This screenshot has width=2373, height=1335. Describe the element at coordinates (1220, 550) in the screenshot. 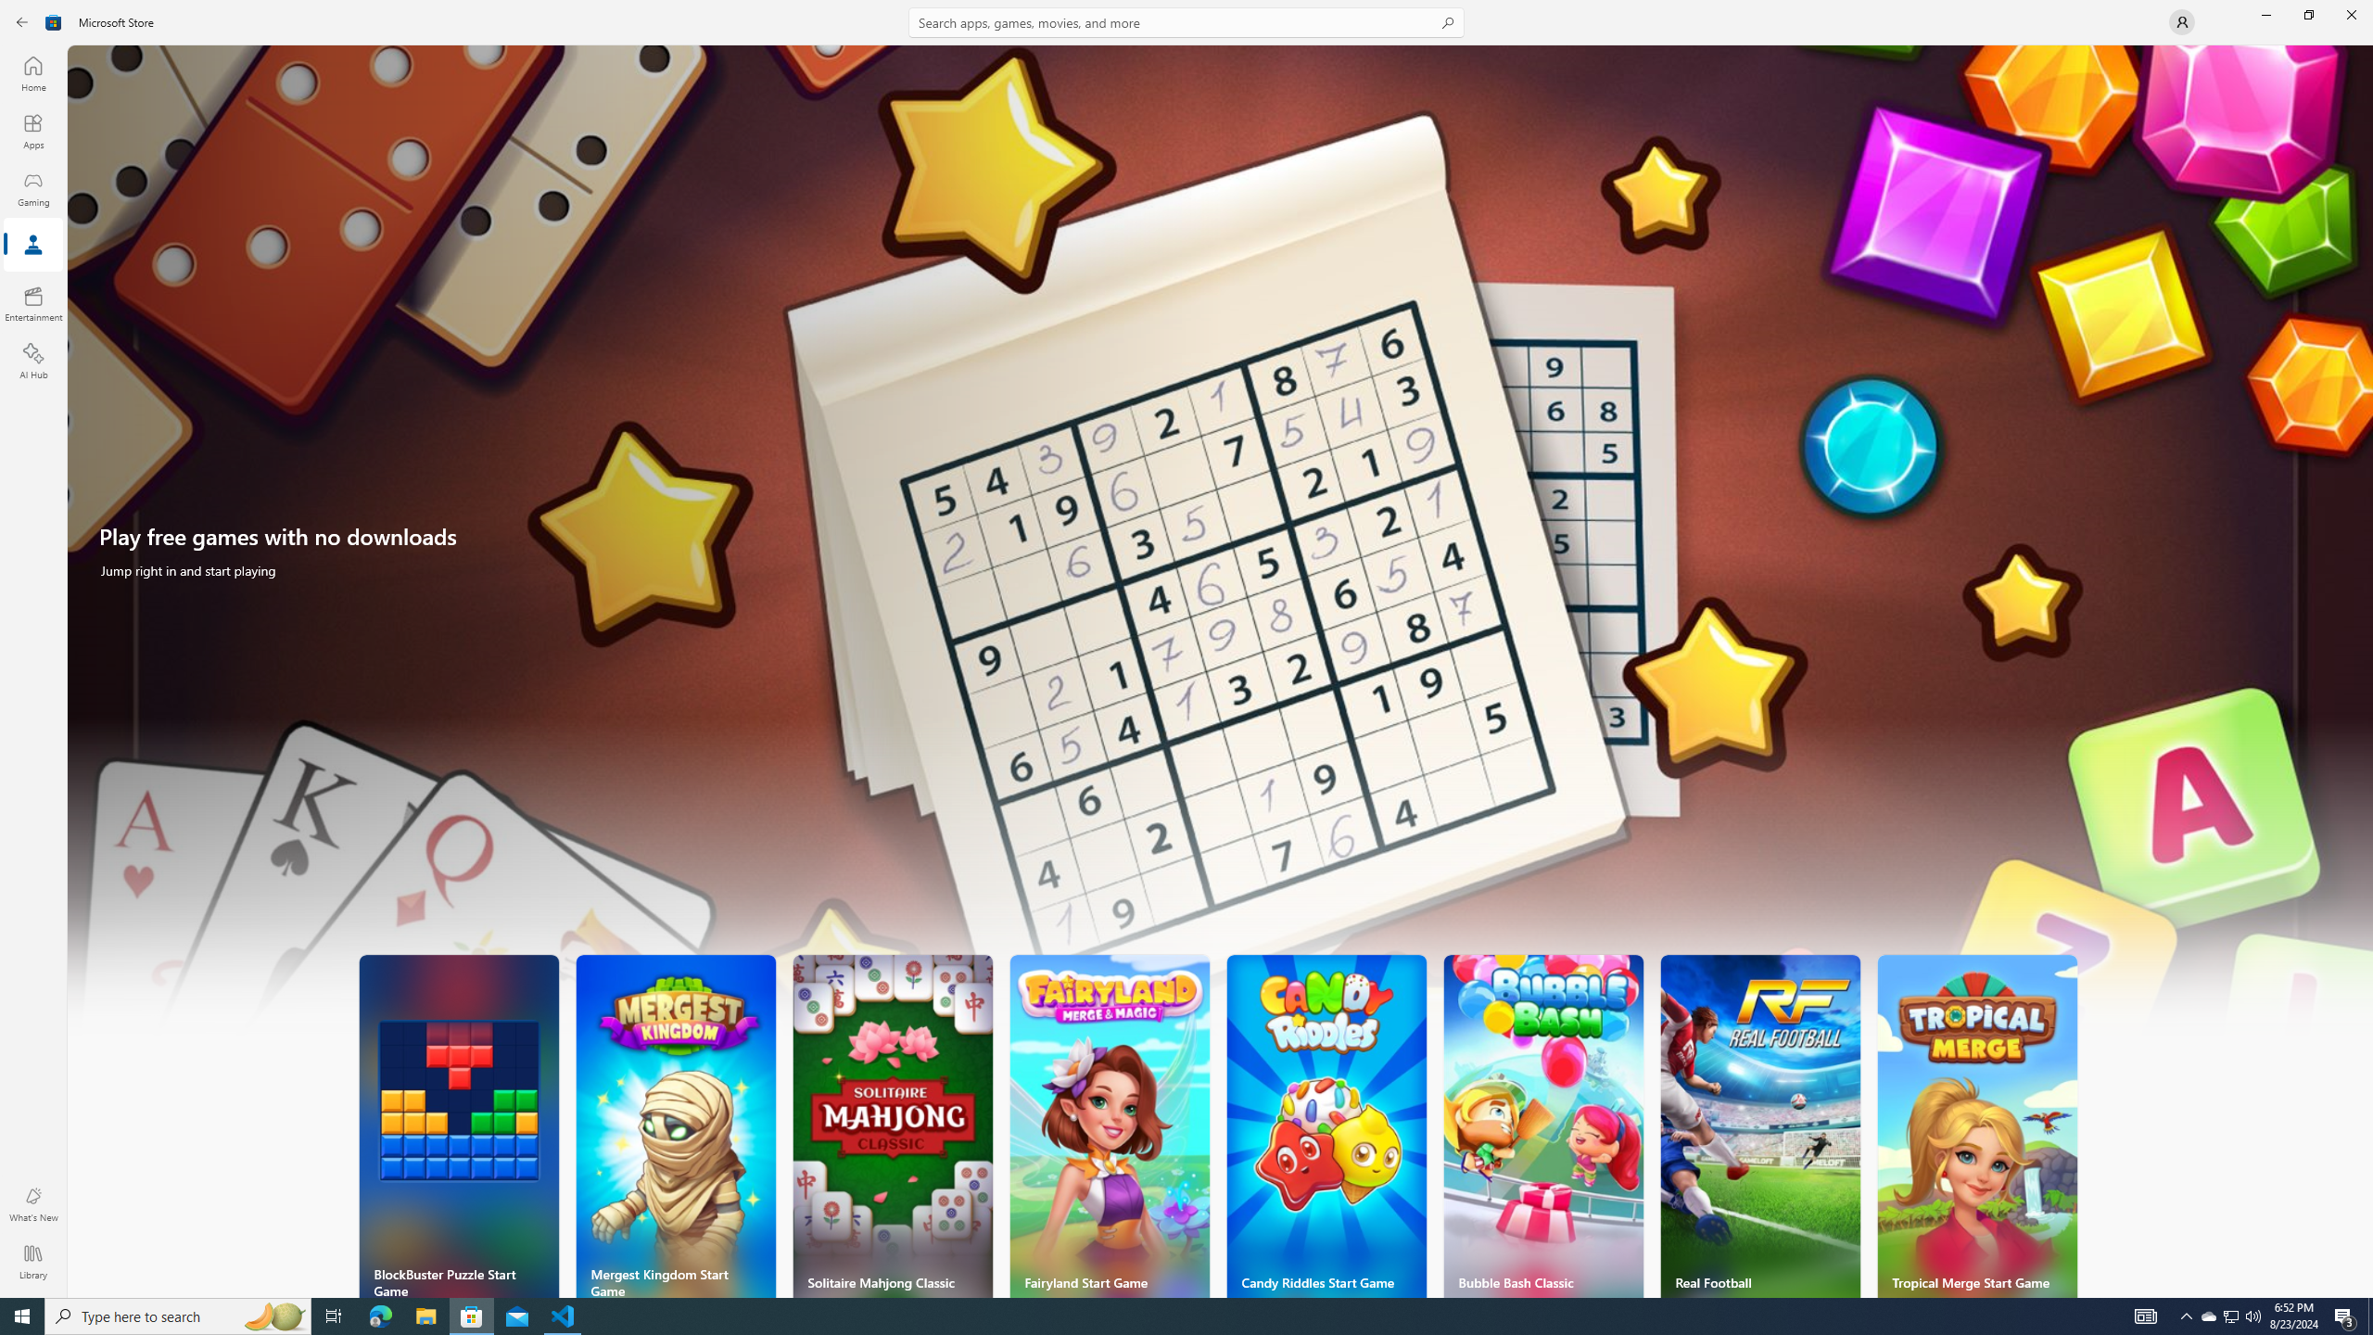

I see `'AutomationID: HeroImage'` at that location.